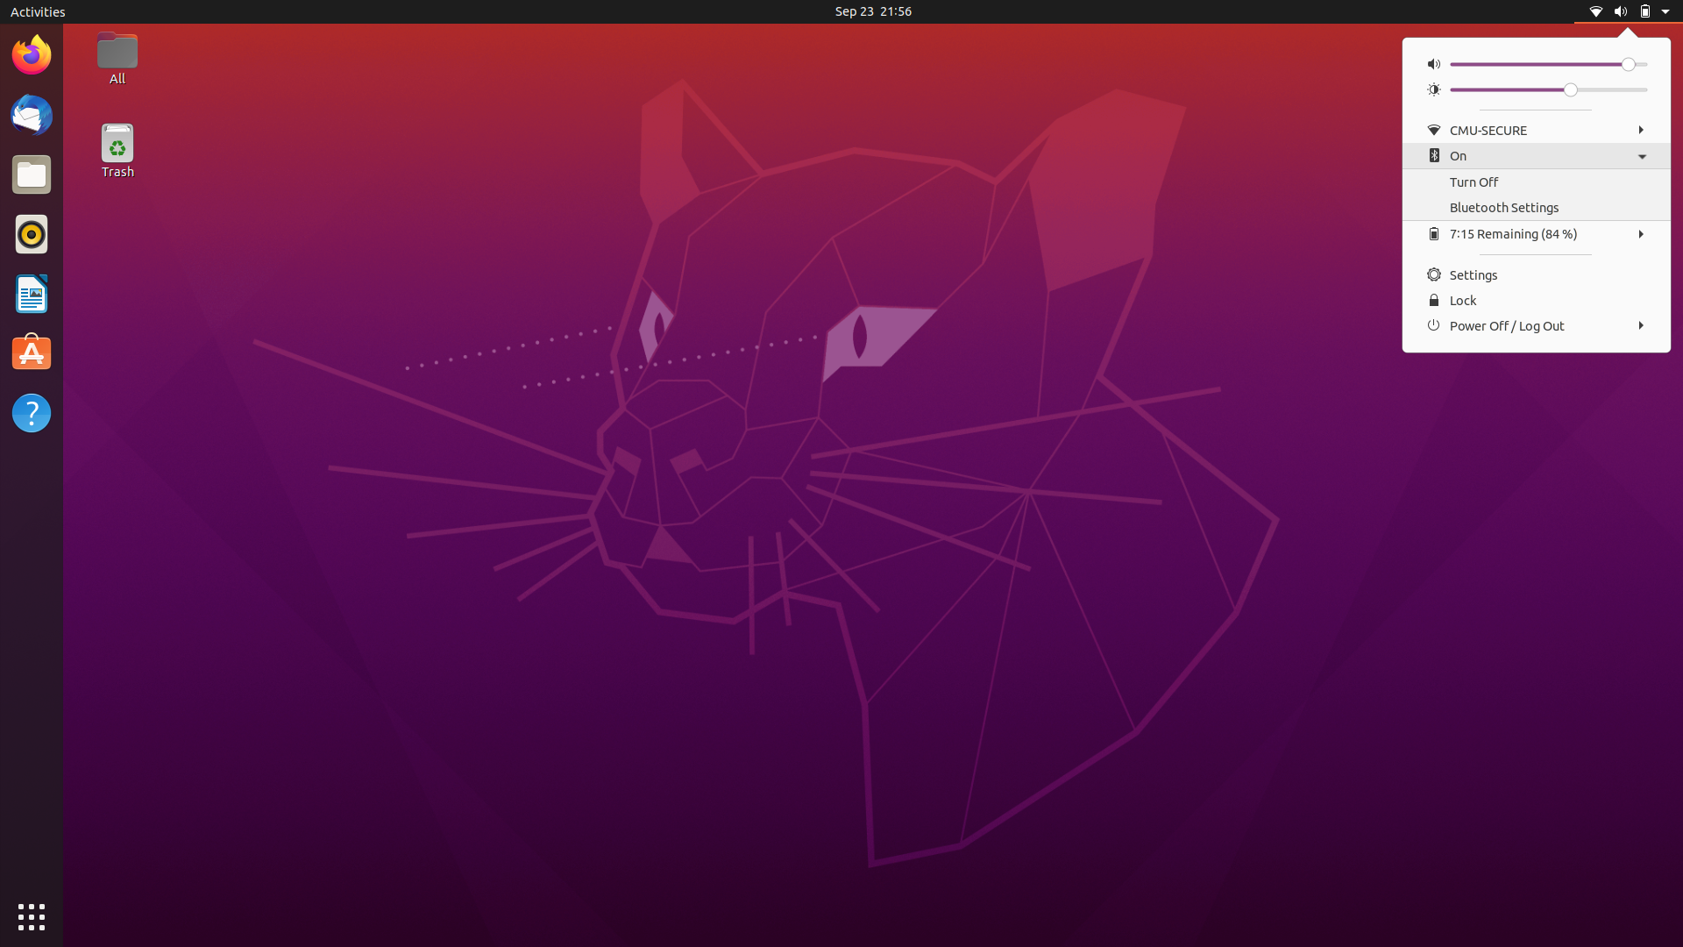 The width and height of the screenshot is (1683, 947). What do you see at coordinates (1534, 232) in the screenshot?
I see `Battery Settings` at bounding box center [1534, 232].